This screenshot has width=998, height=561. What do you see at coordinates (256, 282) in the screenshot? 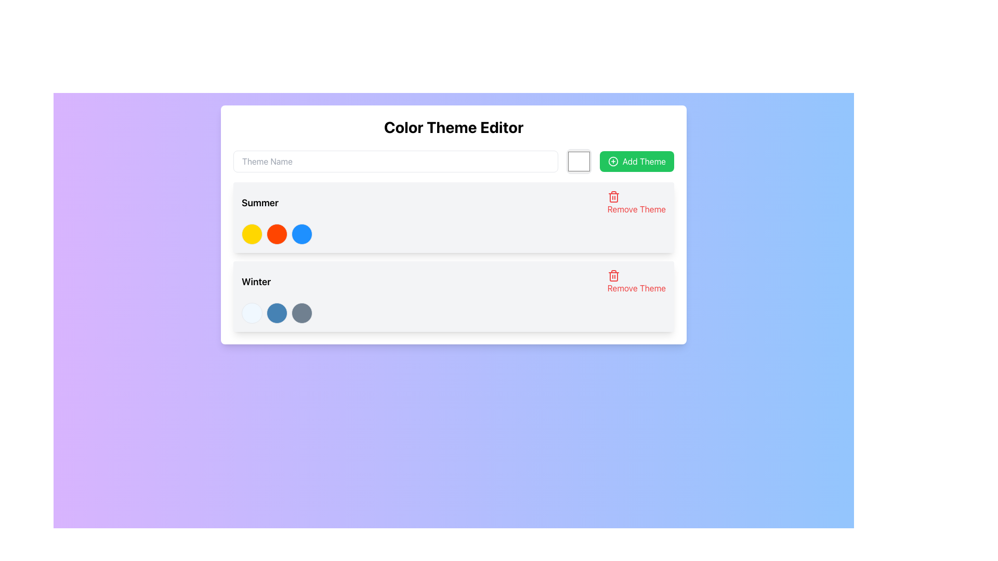
I see `the static text label displaying 'Winter', located in the second main row of the interface beneath the 'Summer' theme section` at bounding box center [256, 282].